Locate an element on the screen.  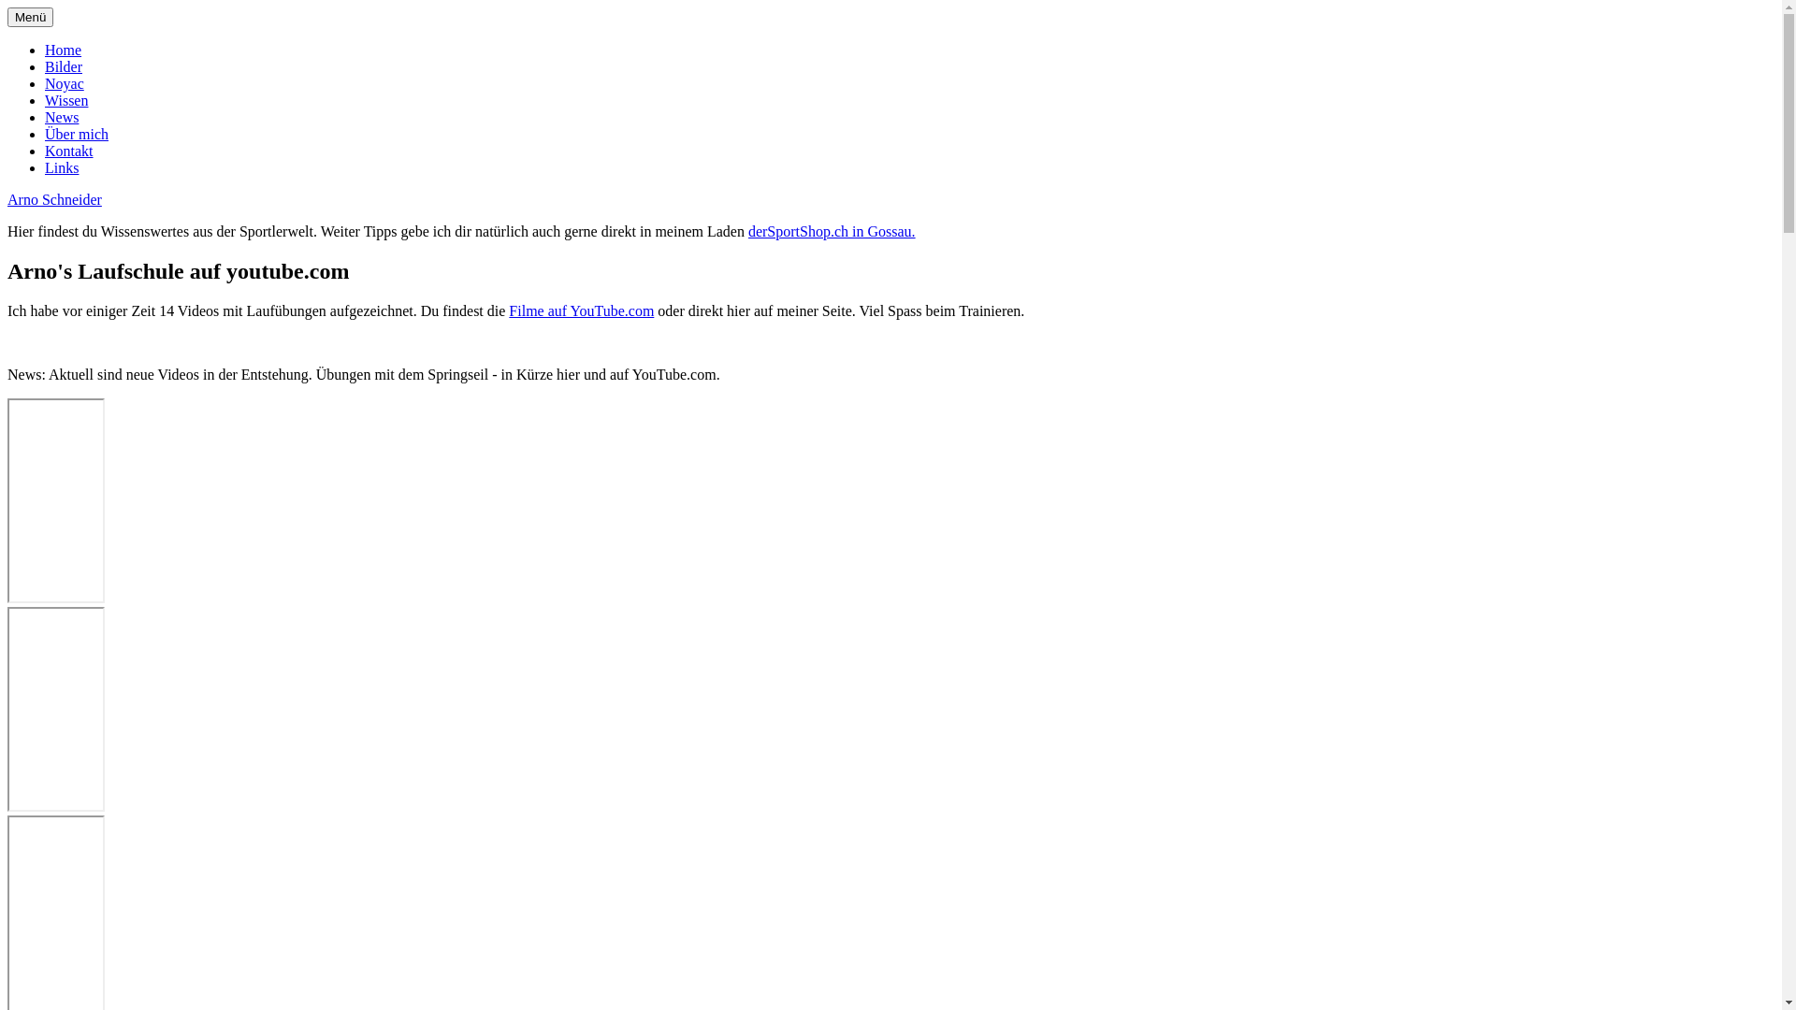
'Home' is located at coordinates (63, 49).